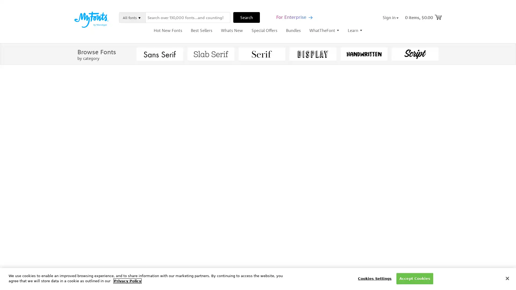 The width and height of the screenshot is (516, 290). Describe the element at coordinates (351, 162) in the screenshot. I see `Show Settings` at that location.